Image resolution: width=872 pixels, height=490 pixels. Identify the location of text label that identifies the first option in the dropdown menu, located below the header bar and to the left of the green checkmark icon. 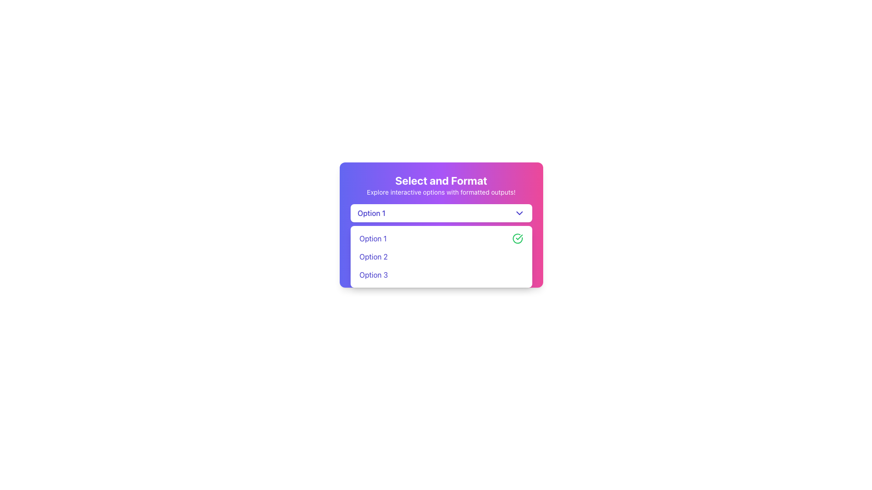
(373, 238).